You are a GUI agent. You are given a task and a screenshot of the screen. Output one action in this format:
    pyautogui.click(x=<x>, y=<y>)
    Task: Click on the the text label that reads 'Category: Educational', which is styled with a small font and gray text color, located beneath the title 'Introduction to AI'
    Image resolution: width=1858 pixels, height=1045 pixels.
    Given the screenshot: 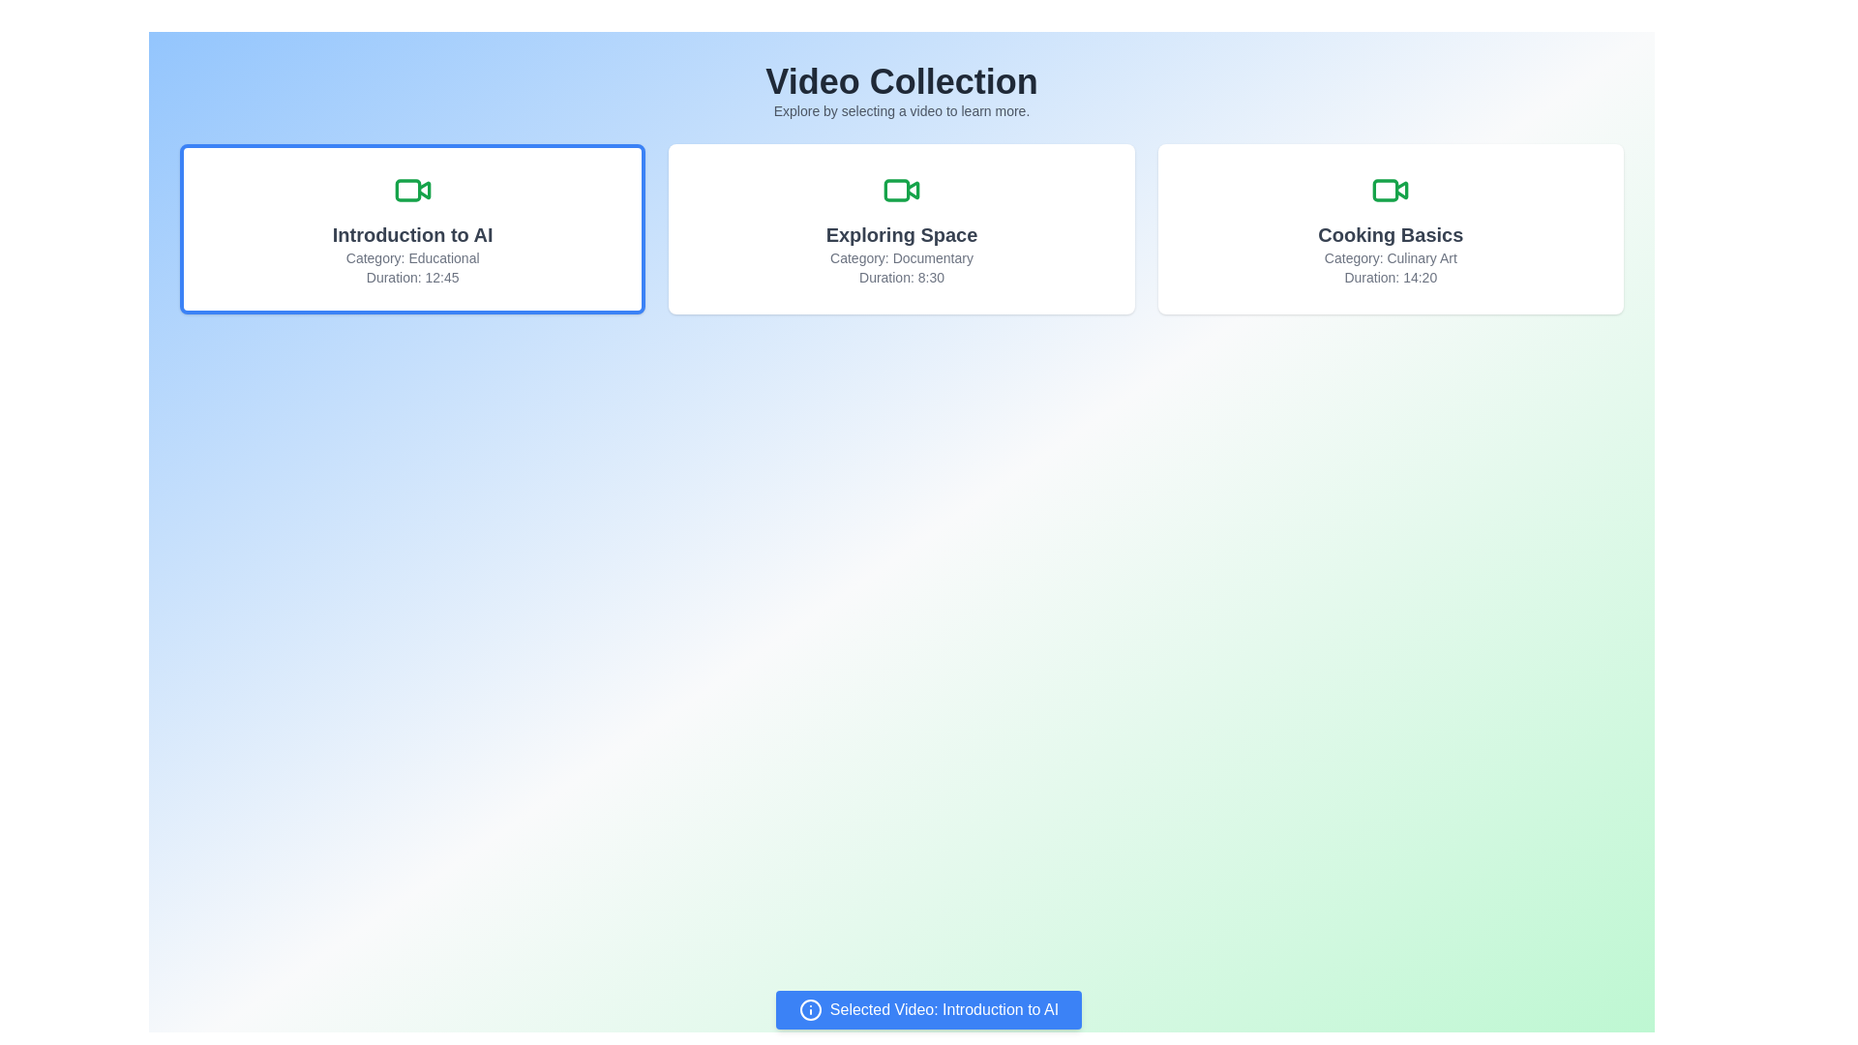 What is the action you would take?
    pyautogui.click(x=411, y=256)
    